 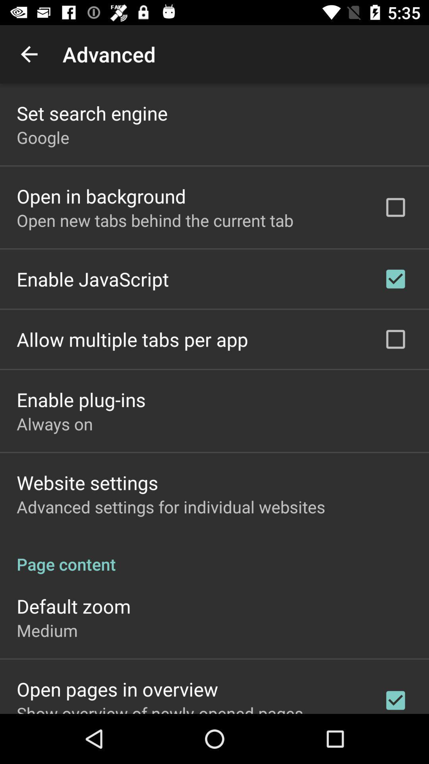 What do you see at coordinates (214, 555) in the screenshot?
I see `icon below the advanced settings for app` at bounding box center [214, 555].